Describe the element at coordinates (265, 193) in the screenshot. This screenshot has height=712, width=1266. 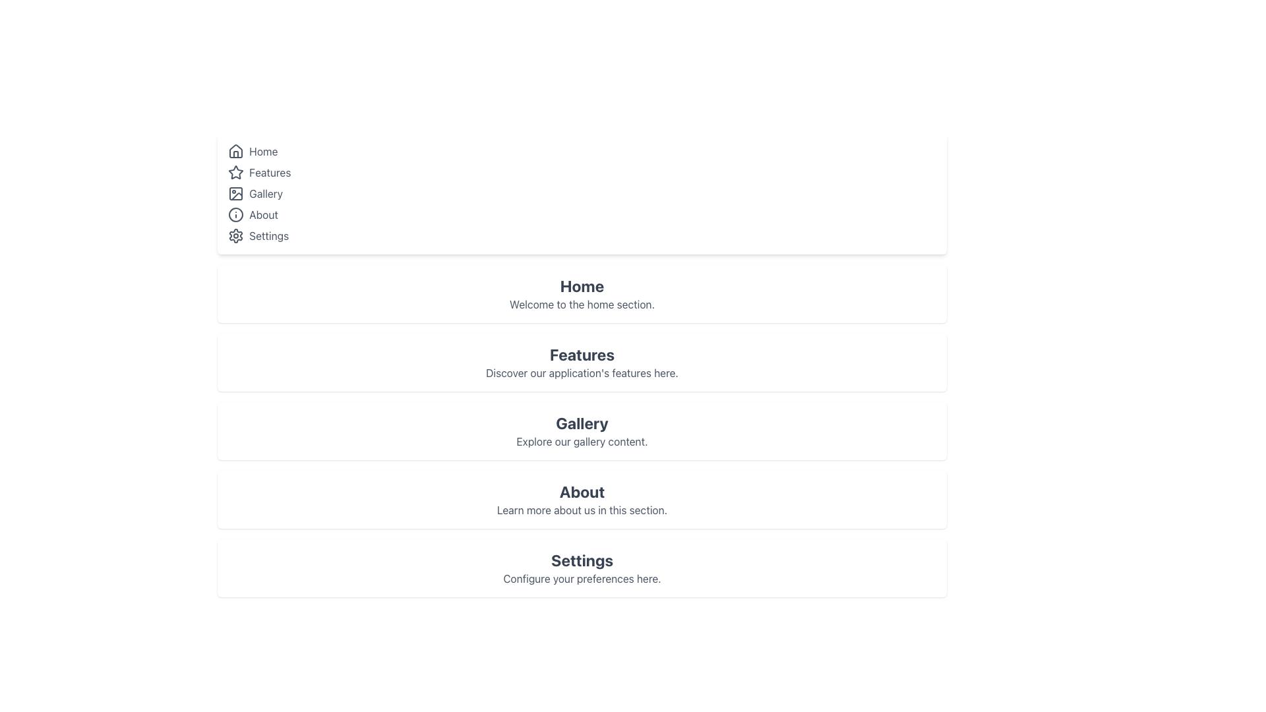
I see `the 'Gallery' text label, which is the third item in a vertical navigation list, located between 'Features' and 'About'` at that location.